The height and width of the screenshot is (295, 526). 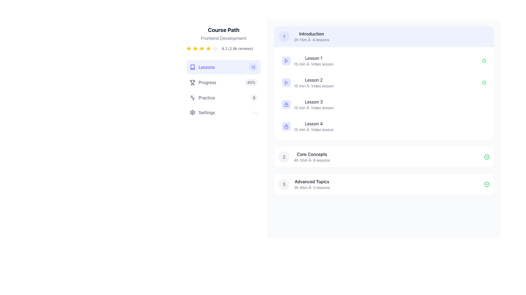 I want to click on the circular button icon representing the playable video for 'Lesson 2' located in the 'Introduction' section, so click(x=286, y=83).